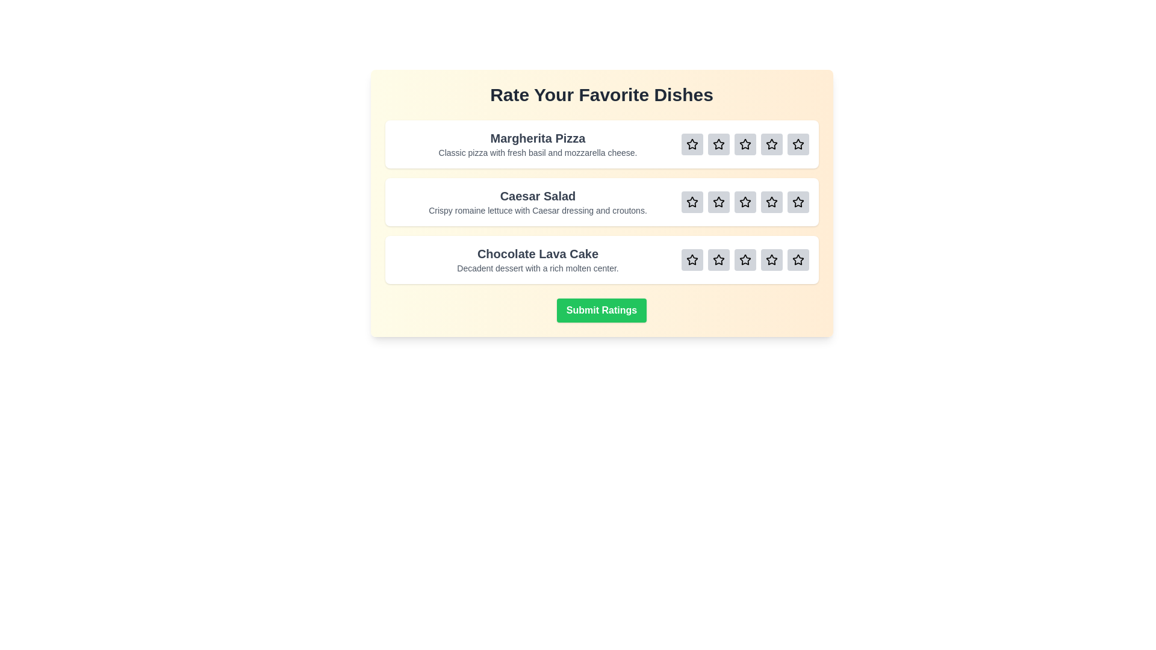 This screenshot has height=650, width=1156. What do you see at coordinates (601, 310) in the screenshot?
I see `the submit button to submit all ratings` at bounding box center [601, 310].